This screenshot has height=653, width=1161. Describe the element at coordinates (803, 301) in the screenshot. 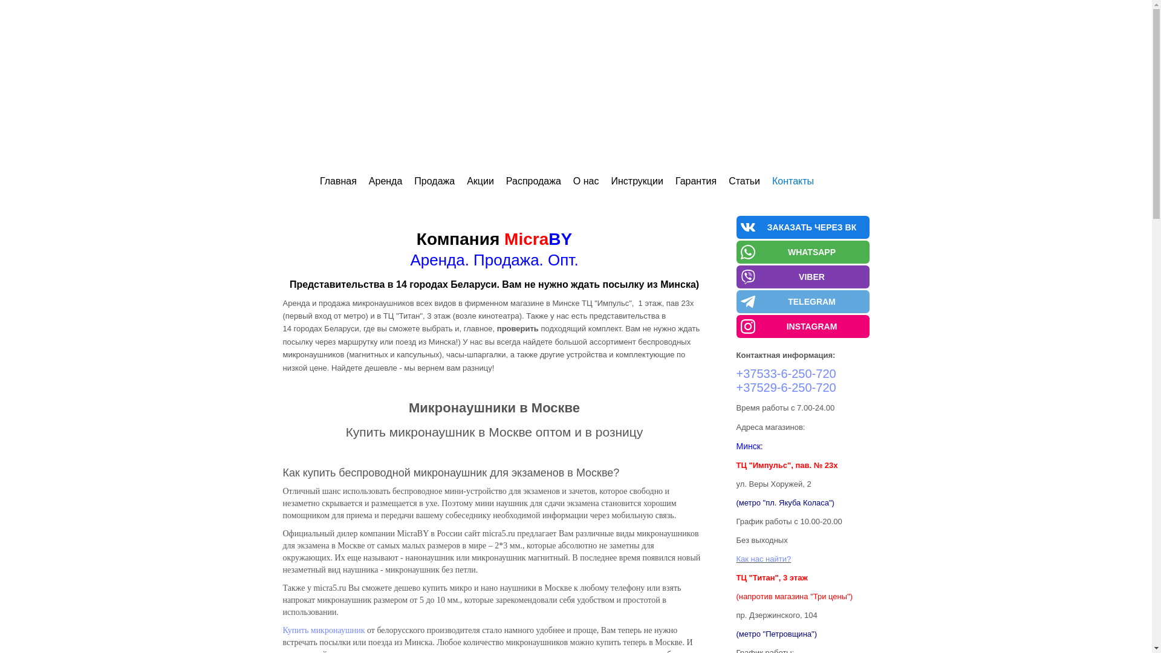

I see `'TELEGRAM'` at that location.